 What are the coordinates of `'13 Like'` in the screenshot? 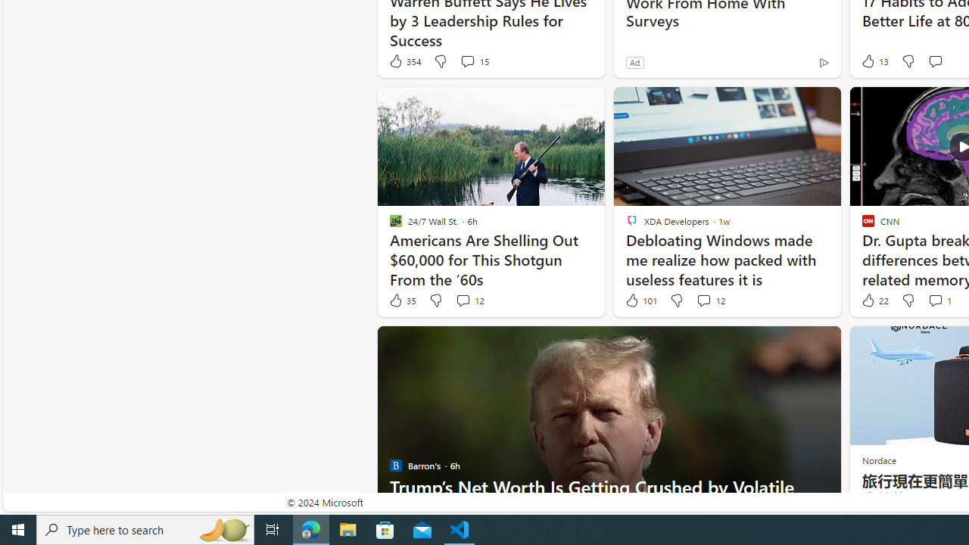 It's located at (874, 61).